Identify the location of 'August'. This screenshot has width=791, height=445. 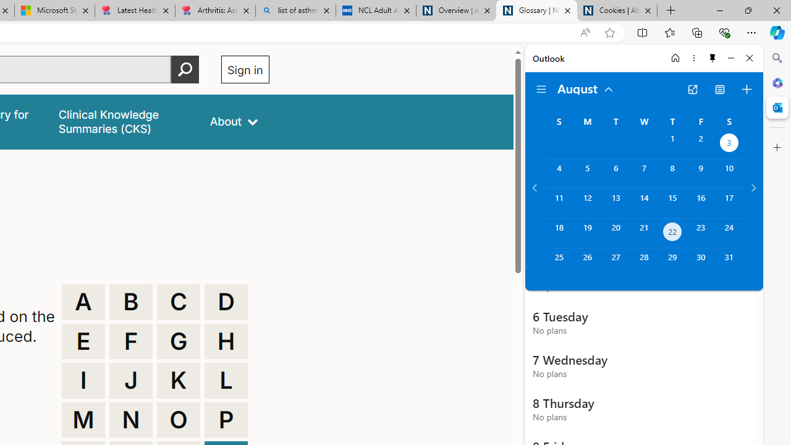
(585, 87).